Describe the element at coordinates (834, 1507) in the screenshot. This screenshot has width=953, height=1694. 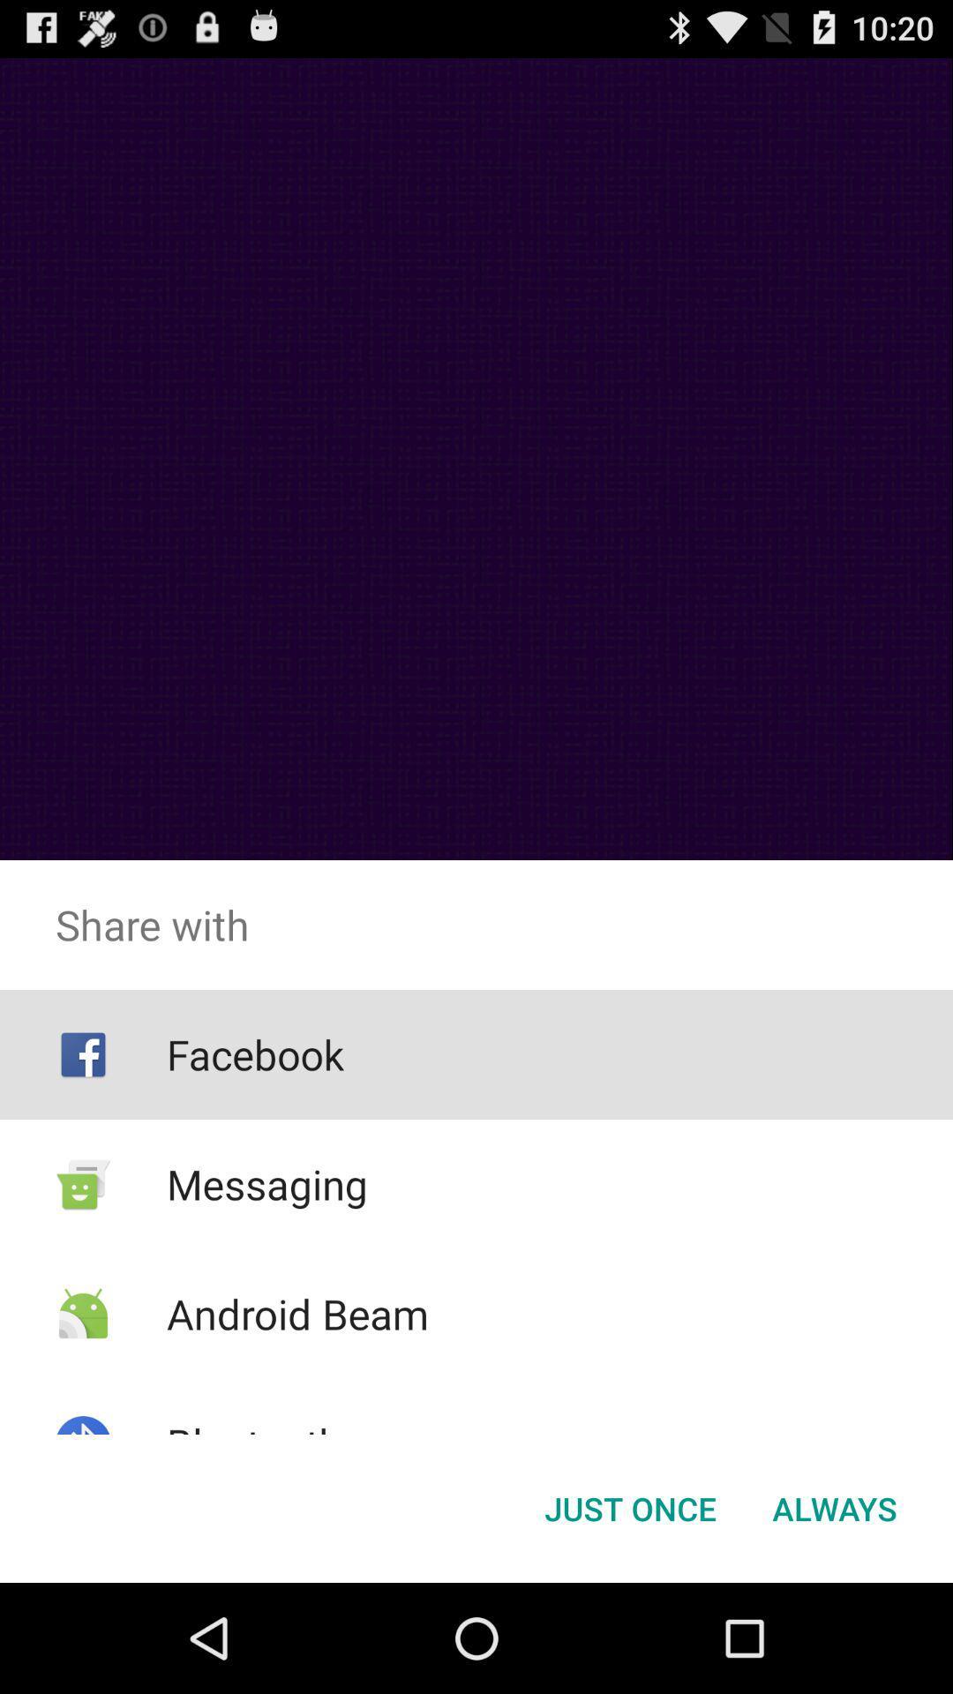
I see `the icon below the share with` at that location.